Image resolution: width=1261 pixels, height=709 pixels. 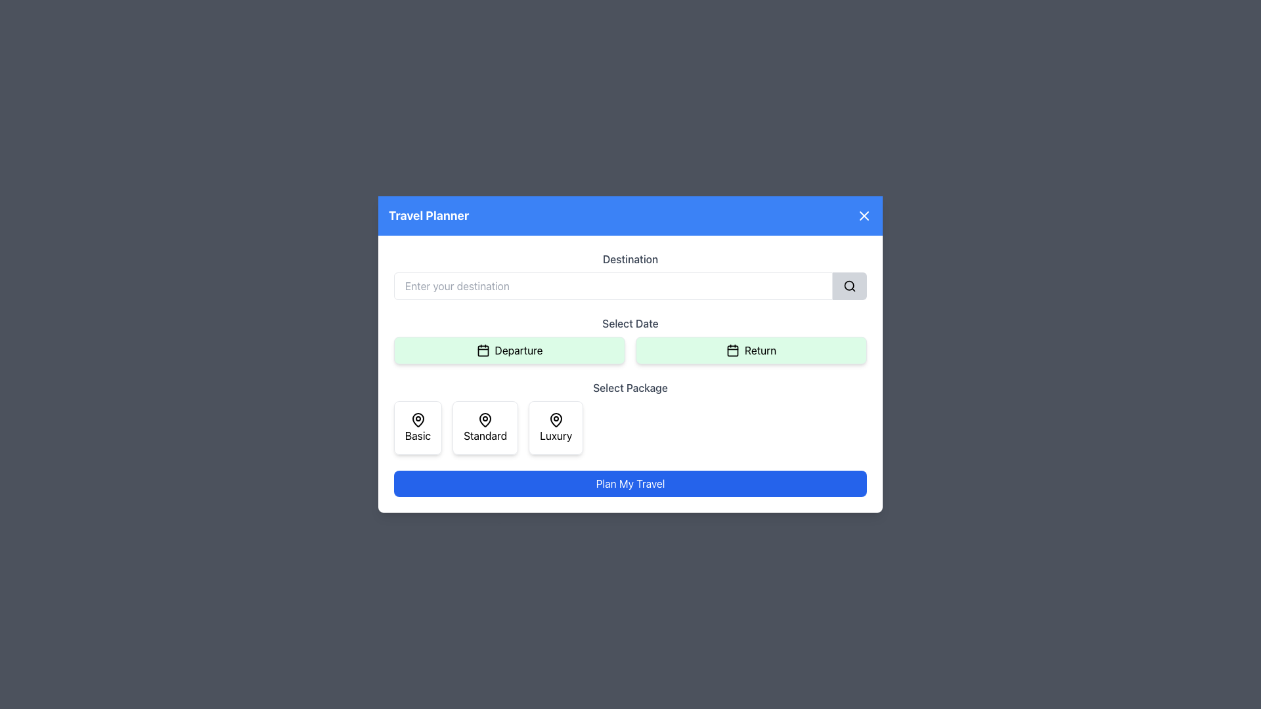 I want to click on the text label indicating the date selection section, which is located horizontally above the 'Departure' and 'Return' buttons, so click(x=630, y=324).